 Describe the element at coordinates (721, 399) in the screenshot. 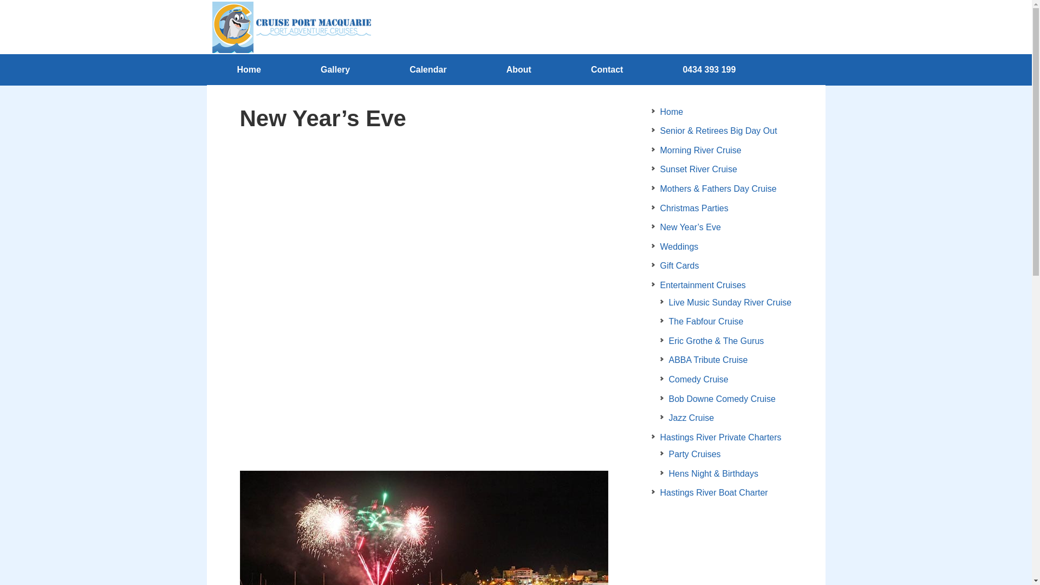

I see `'Bob Downe Comedy Cruise'` at that location.